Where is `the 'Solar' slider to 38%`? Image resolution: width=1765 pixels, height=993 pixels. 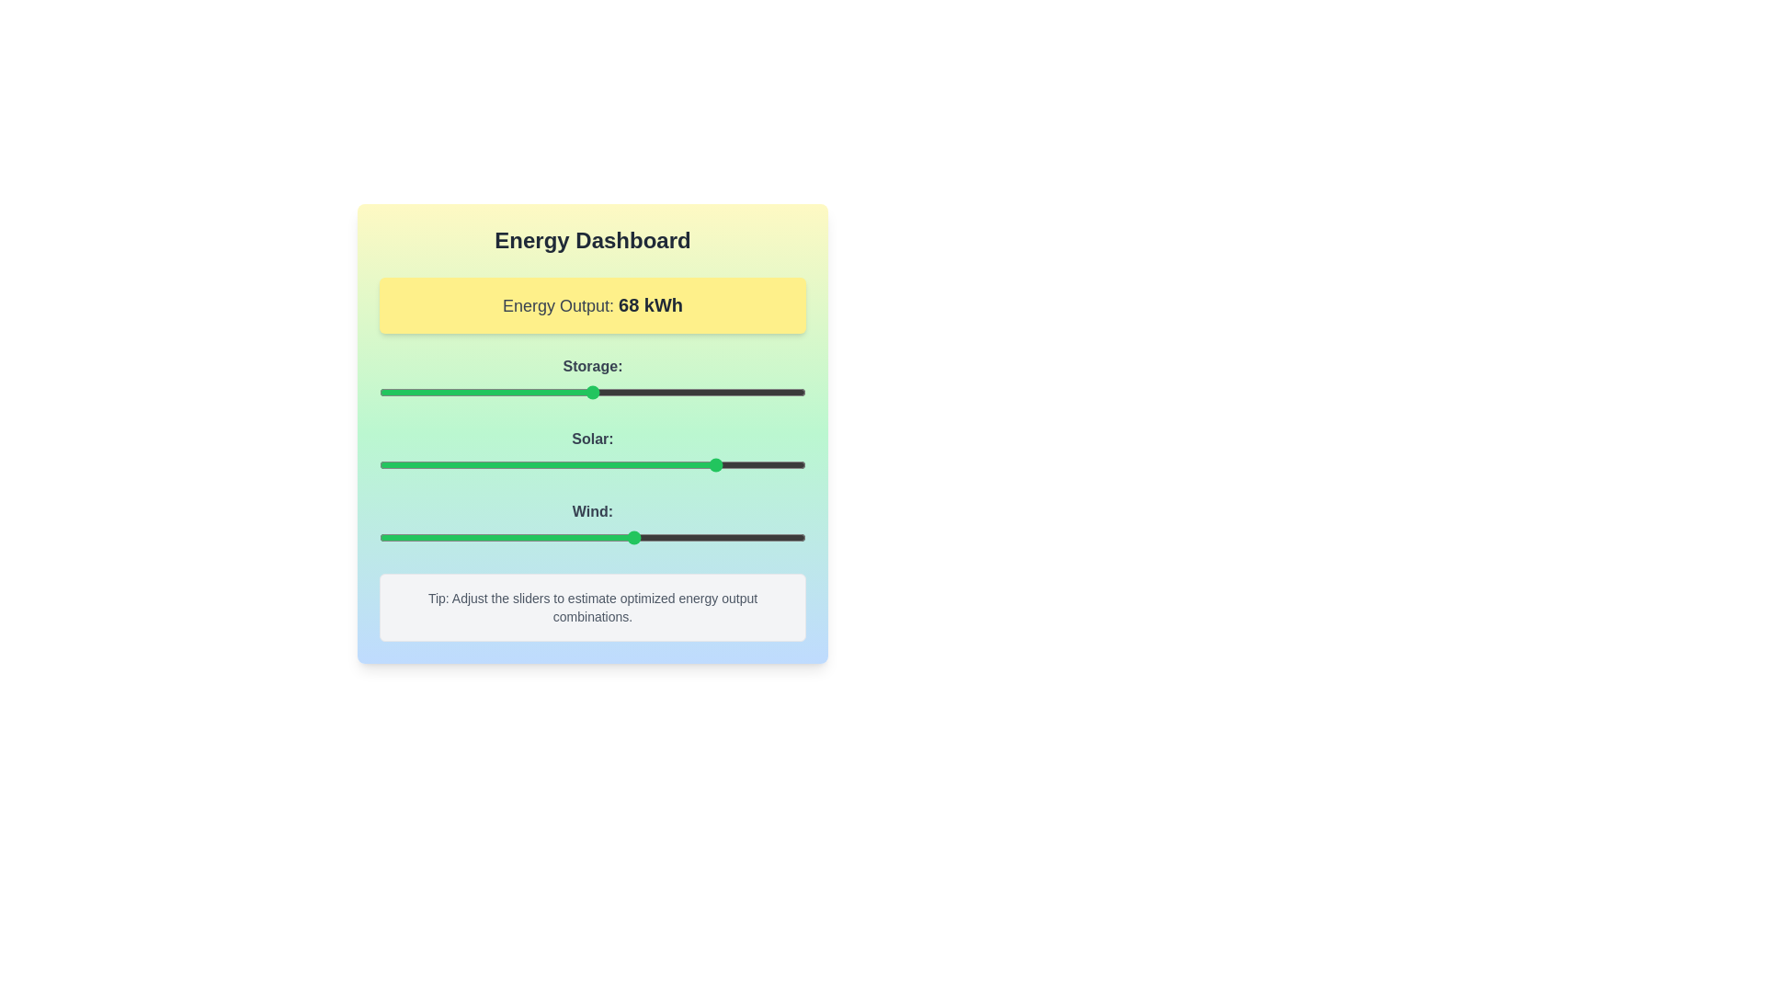
the 'Solar' slider to 38% is located at coordinates (541, 463).